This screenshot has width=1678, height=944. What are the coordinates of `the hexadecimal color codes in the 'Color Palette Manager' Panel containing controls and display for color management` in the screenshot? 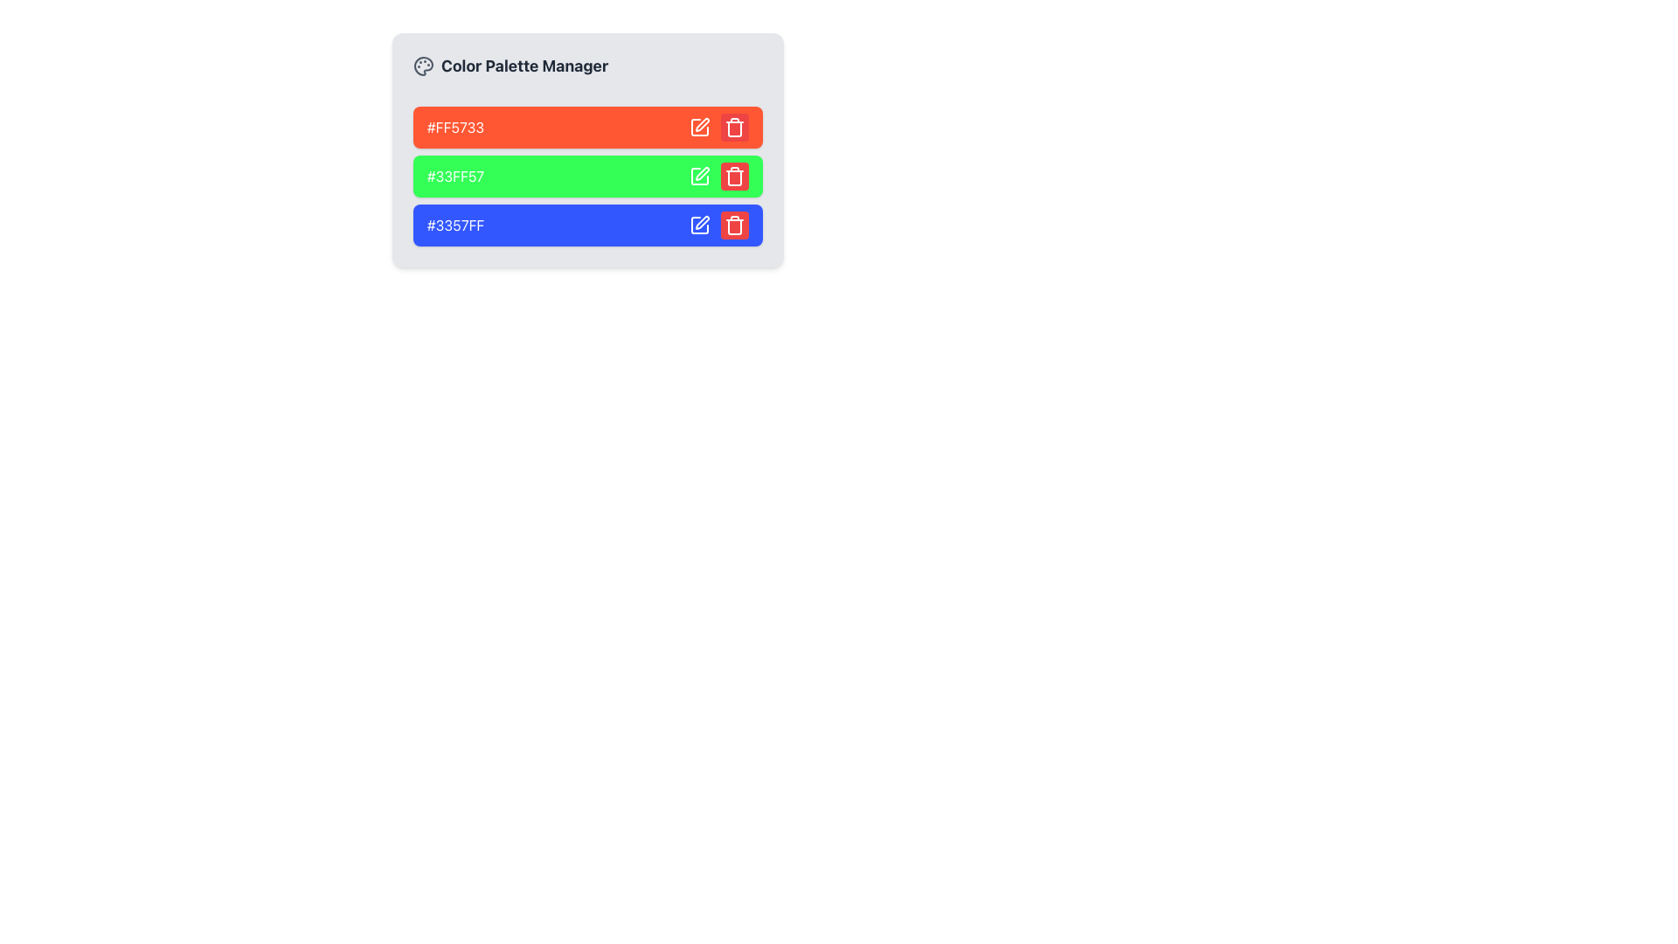 It's located at (587, 149).